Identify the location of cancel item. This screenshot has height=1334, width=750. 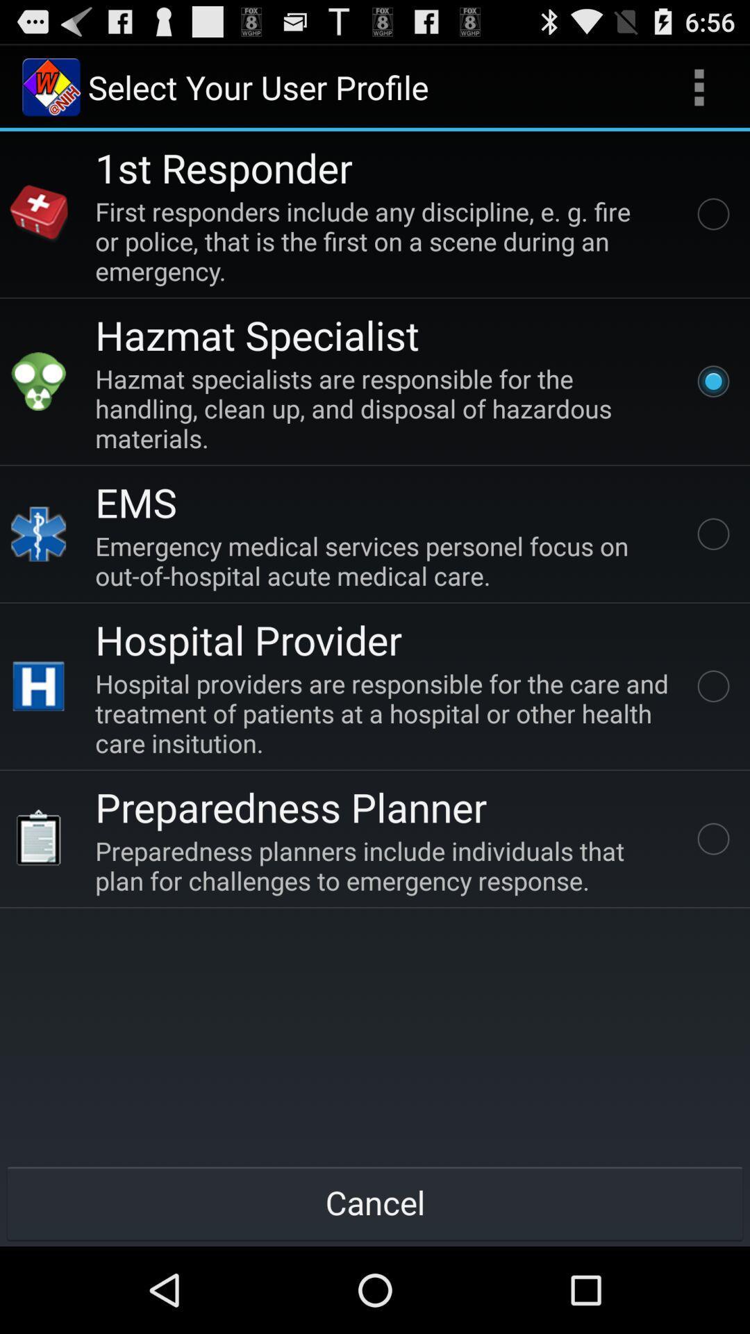
(375, 1202).